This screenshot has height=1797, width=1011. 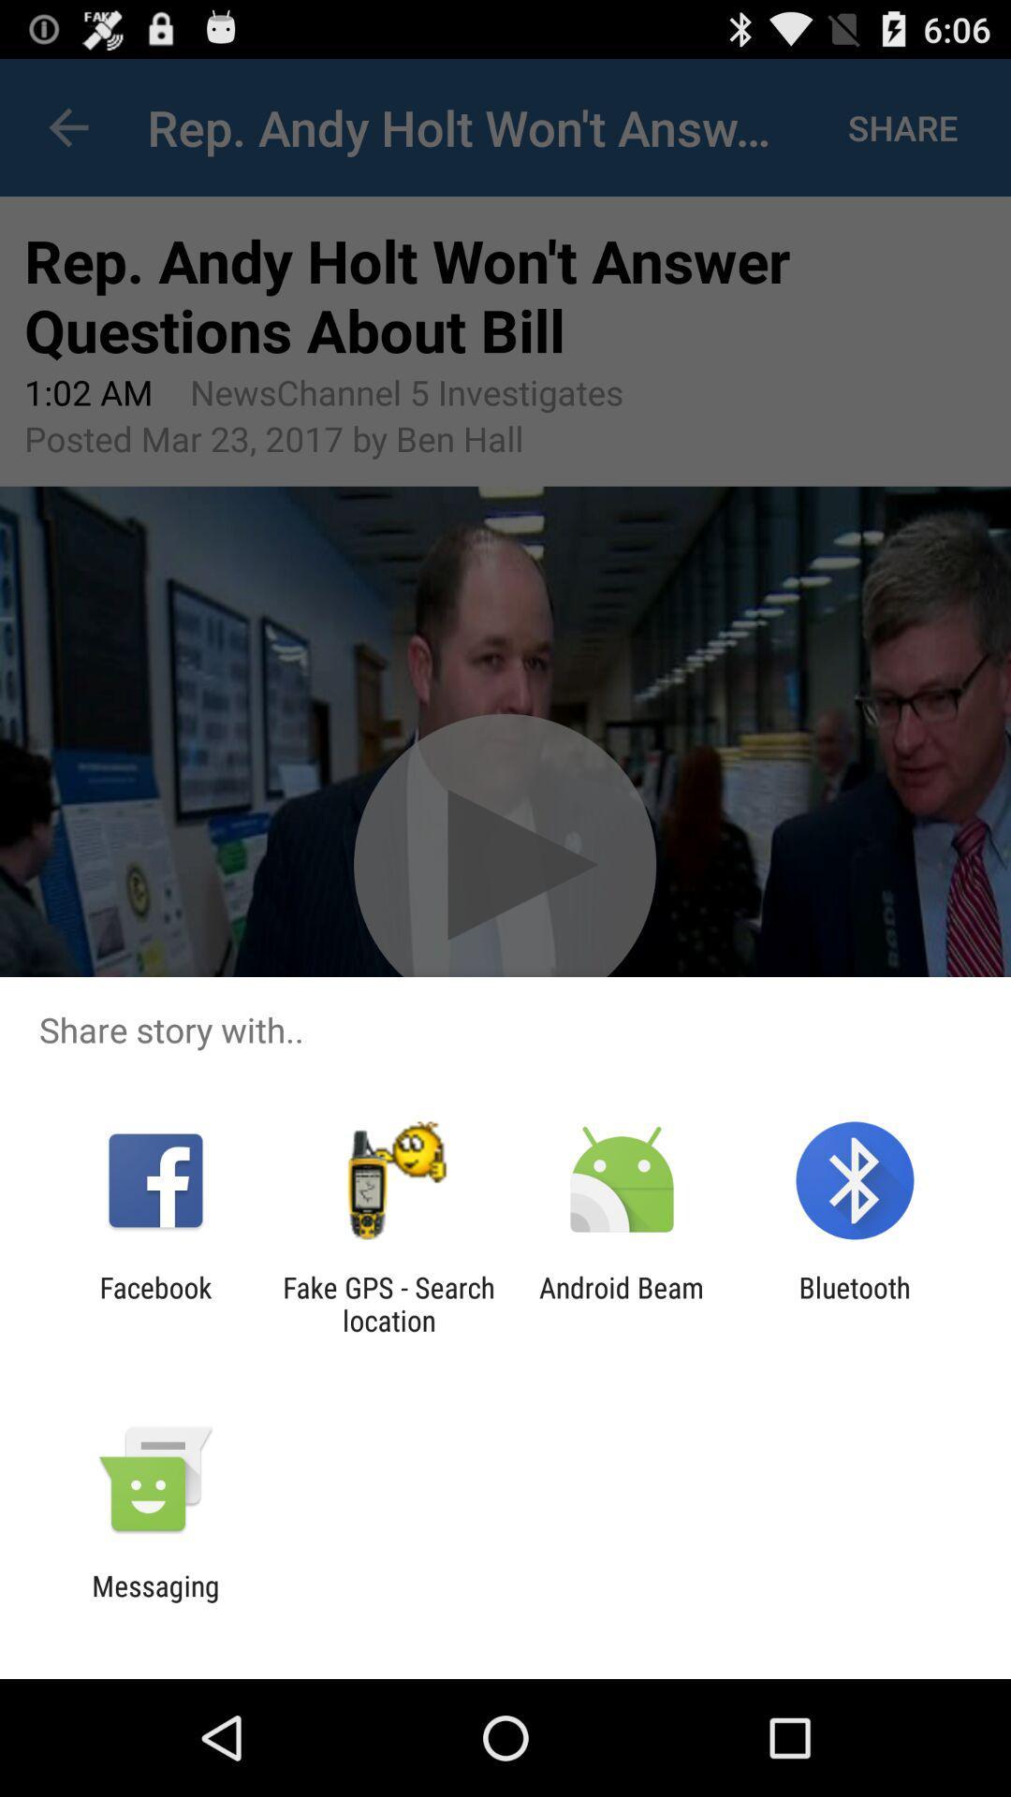 I want to click on bluetooth item, so click(x=855, y=1303).